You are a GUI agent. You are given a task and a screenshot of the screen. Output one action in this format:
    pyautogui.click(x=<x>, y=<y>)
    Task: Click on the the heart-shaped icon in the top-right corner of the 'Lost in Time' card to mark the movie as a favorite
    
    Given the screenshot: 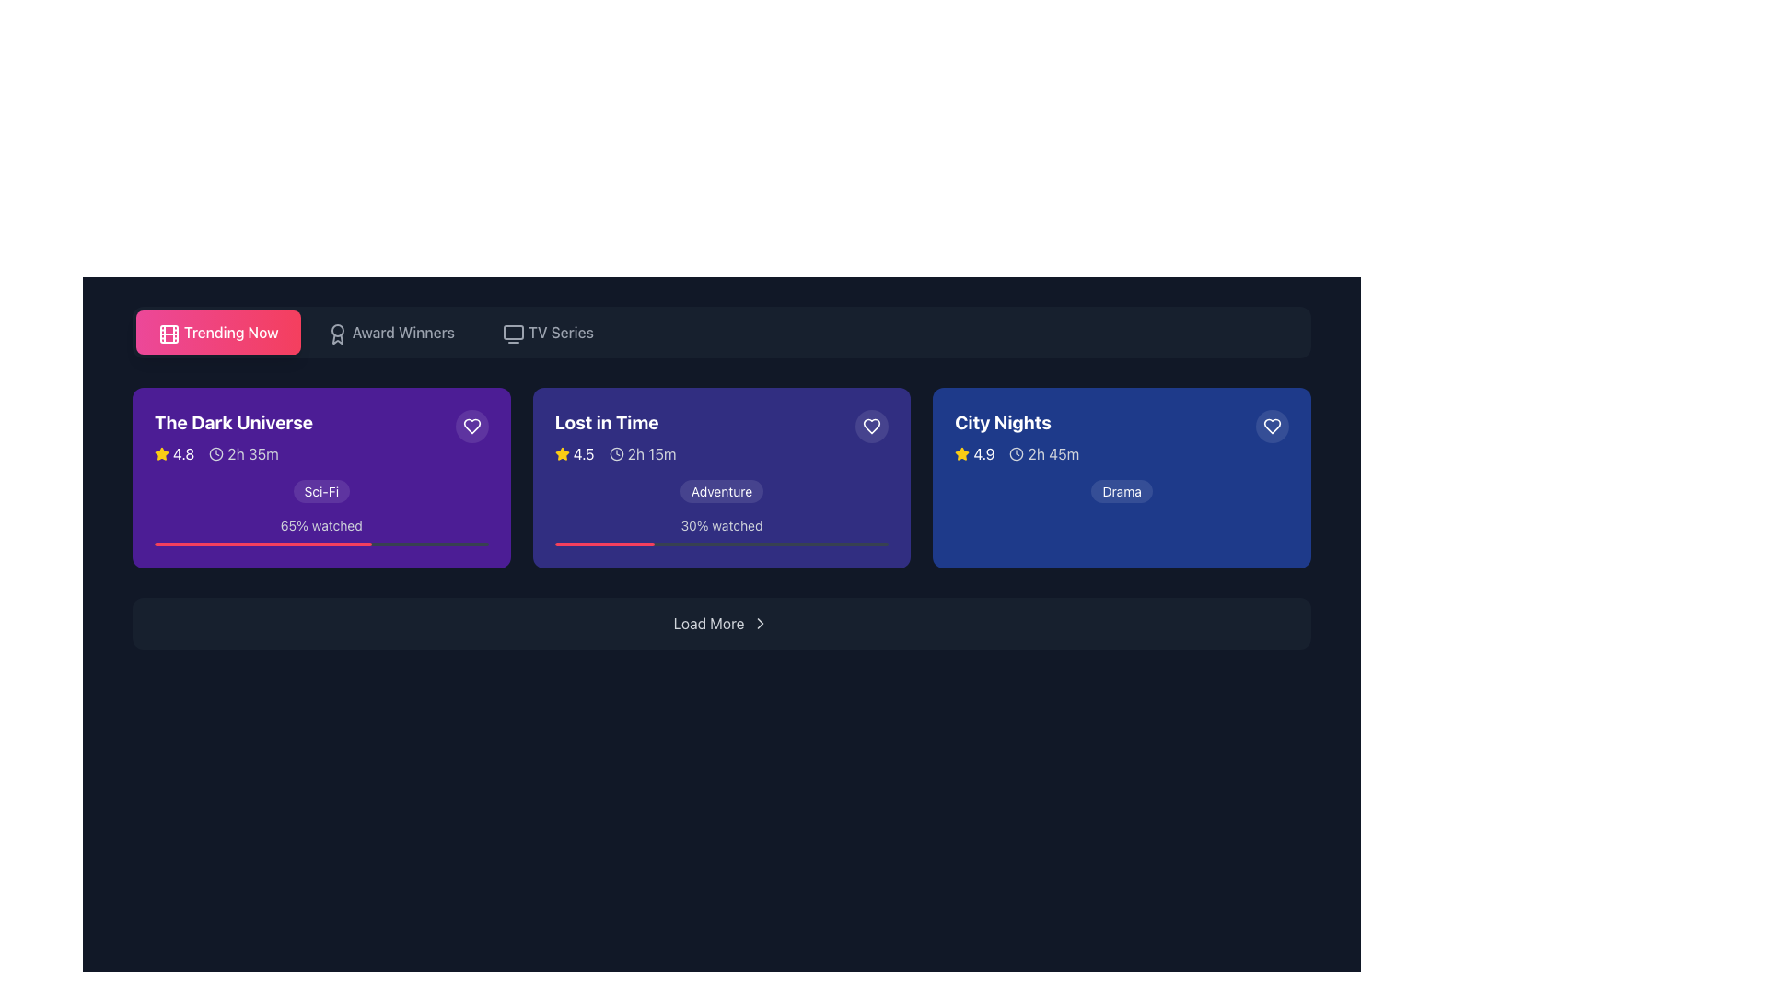 What is the action you would take?
    pyautogui.click(x=871, y=426)
    